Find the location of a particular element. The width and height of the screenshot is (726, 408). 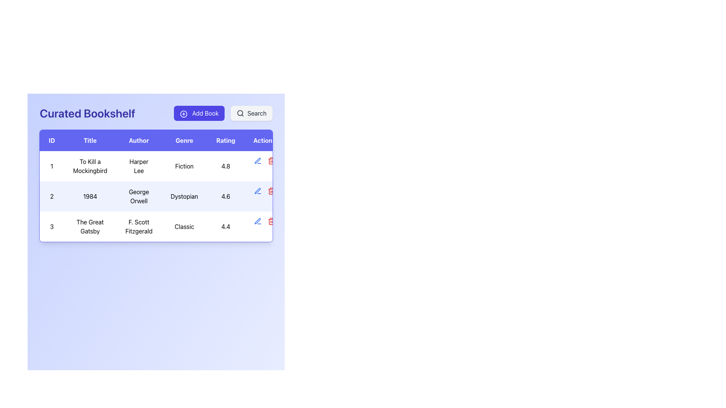

the 'Search' button, which is styled with a light gray background and dark gray text, located to the right of the 'Add Book' button in the header of the interface is located at coordinates (251, 113).